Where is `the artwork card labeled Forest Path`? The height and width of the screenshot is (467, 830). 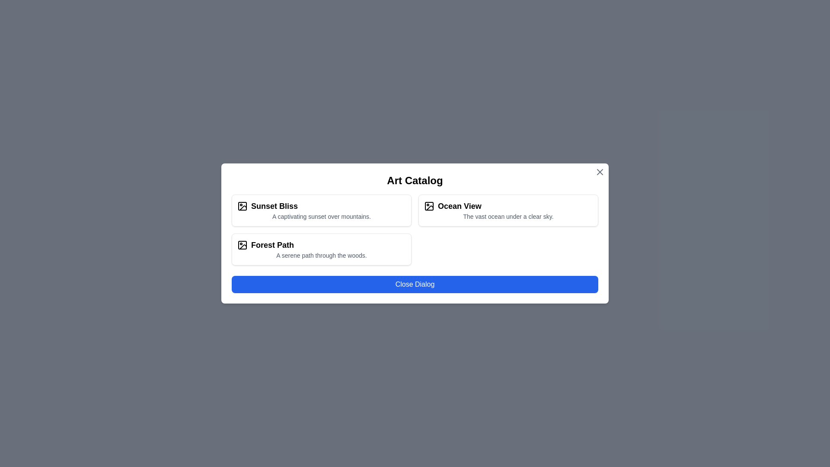
the artwork card labeled Forest Path is located at coordinates (321, 249).